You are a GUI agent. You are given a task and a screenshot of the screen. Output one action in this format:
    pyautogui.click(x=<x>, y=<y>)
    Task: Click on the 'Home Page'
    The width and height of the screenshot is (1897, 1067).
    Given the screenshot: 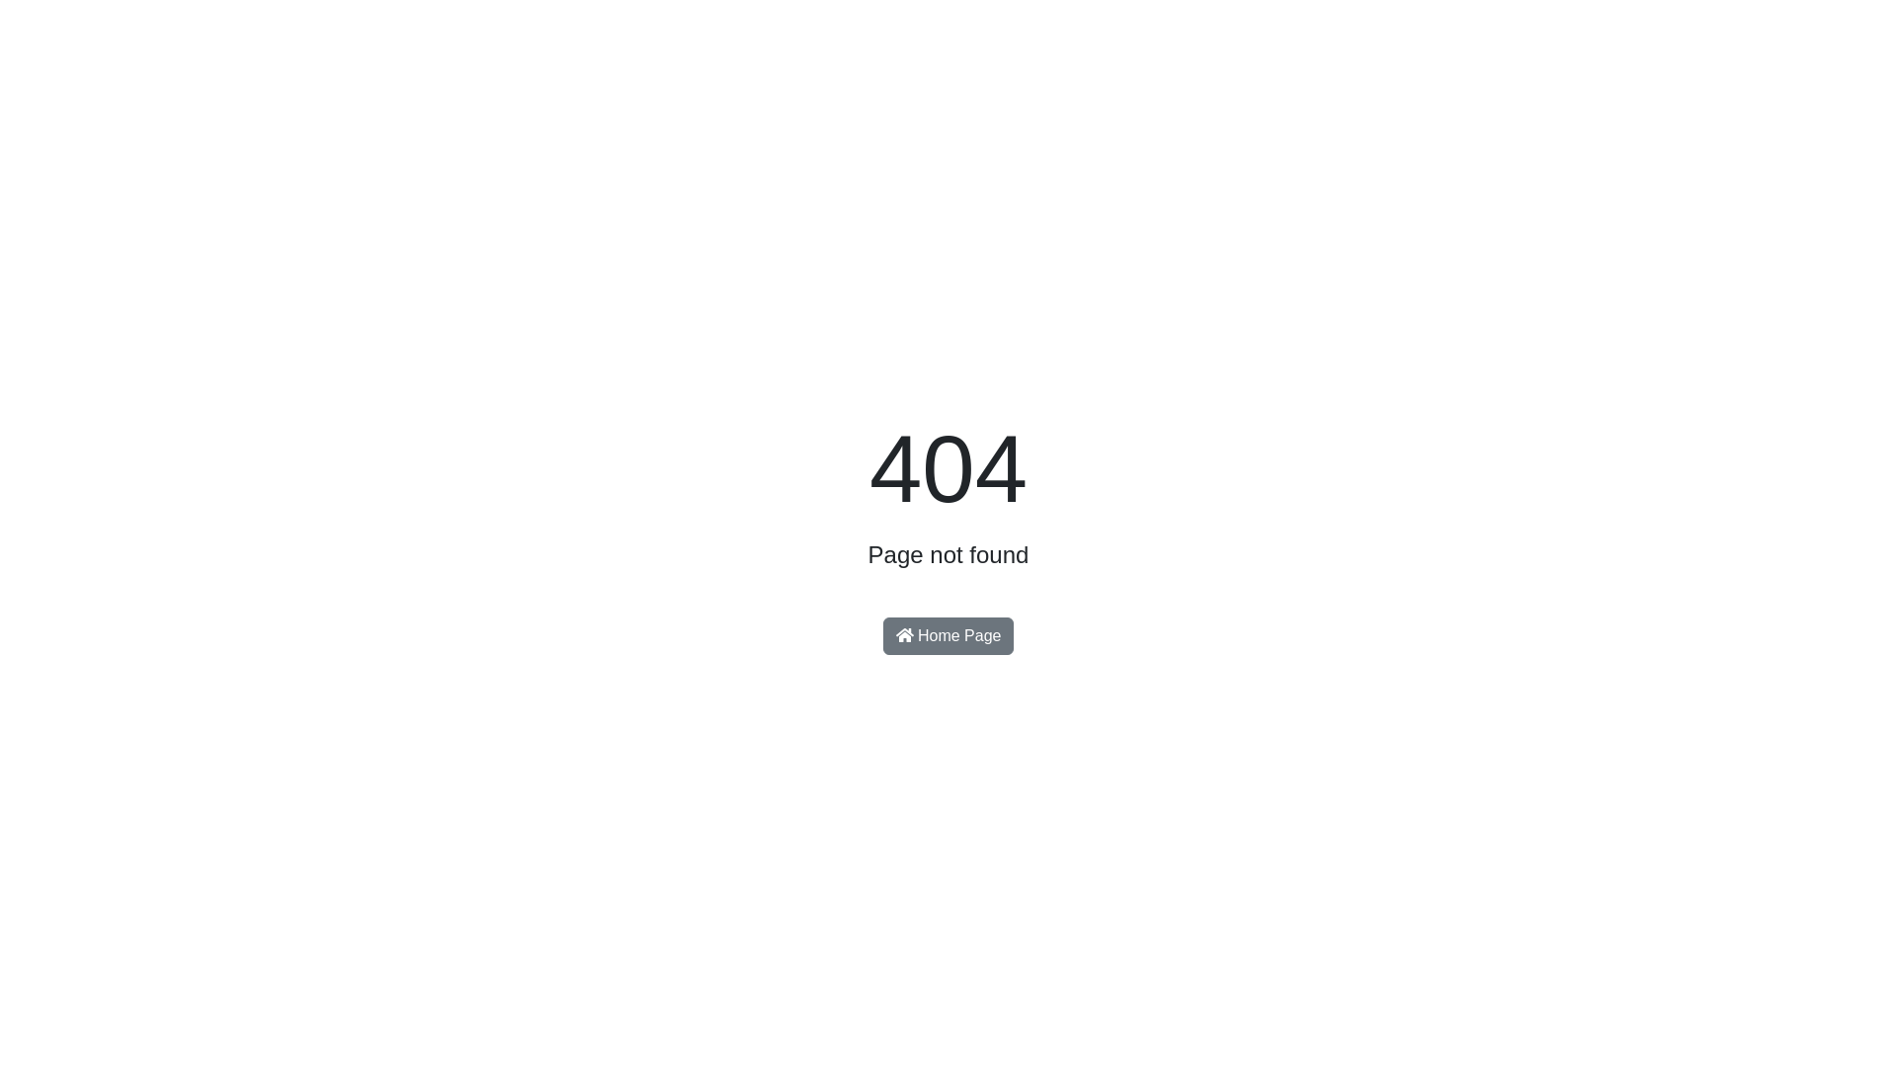 What is the action you would take?
    pyautogui.click(x=881, y=636)
    